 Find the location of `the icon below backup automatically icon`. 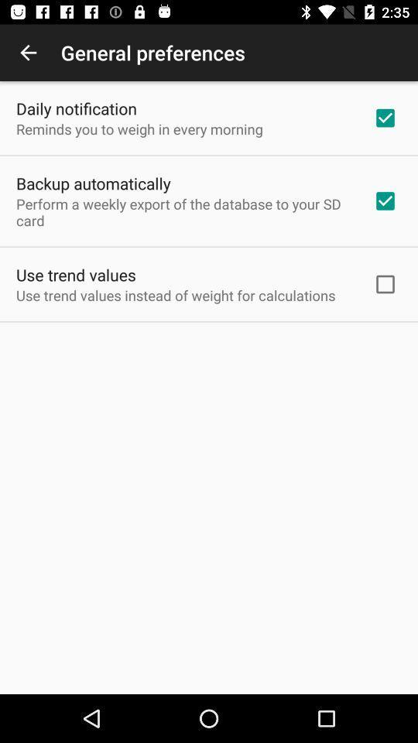

the icon below backup automatically icon is located at coordinates (184, 211).